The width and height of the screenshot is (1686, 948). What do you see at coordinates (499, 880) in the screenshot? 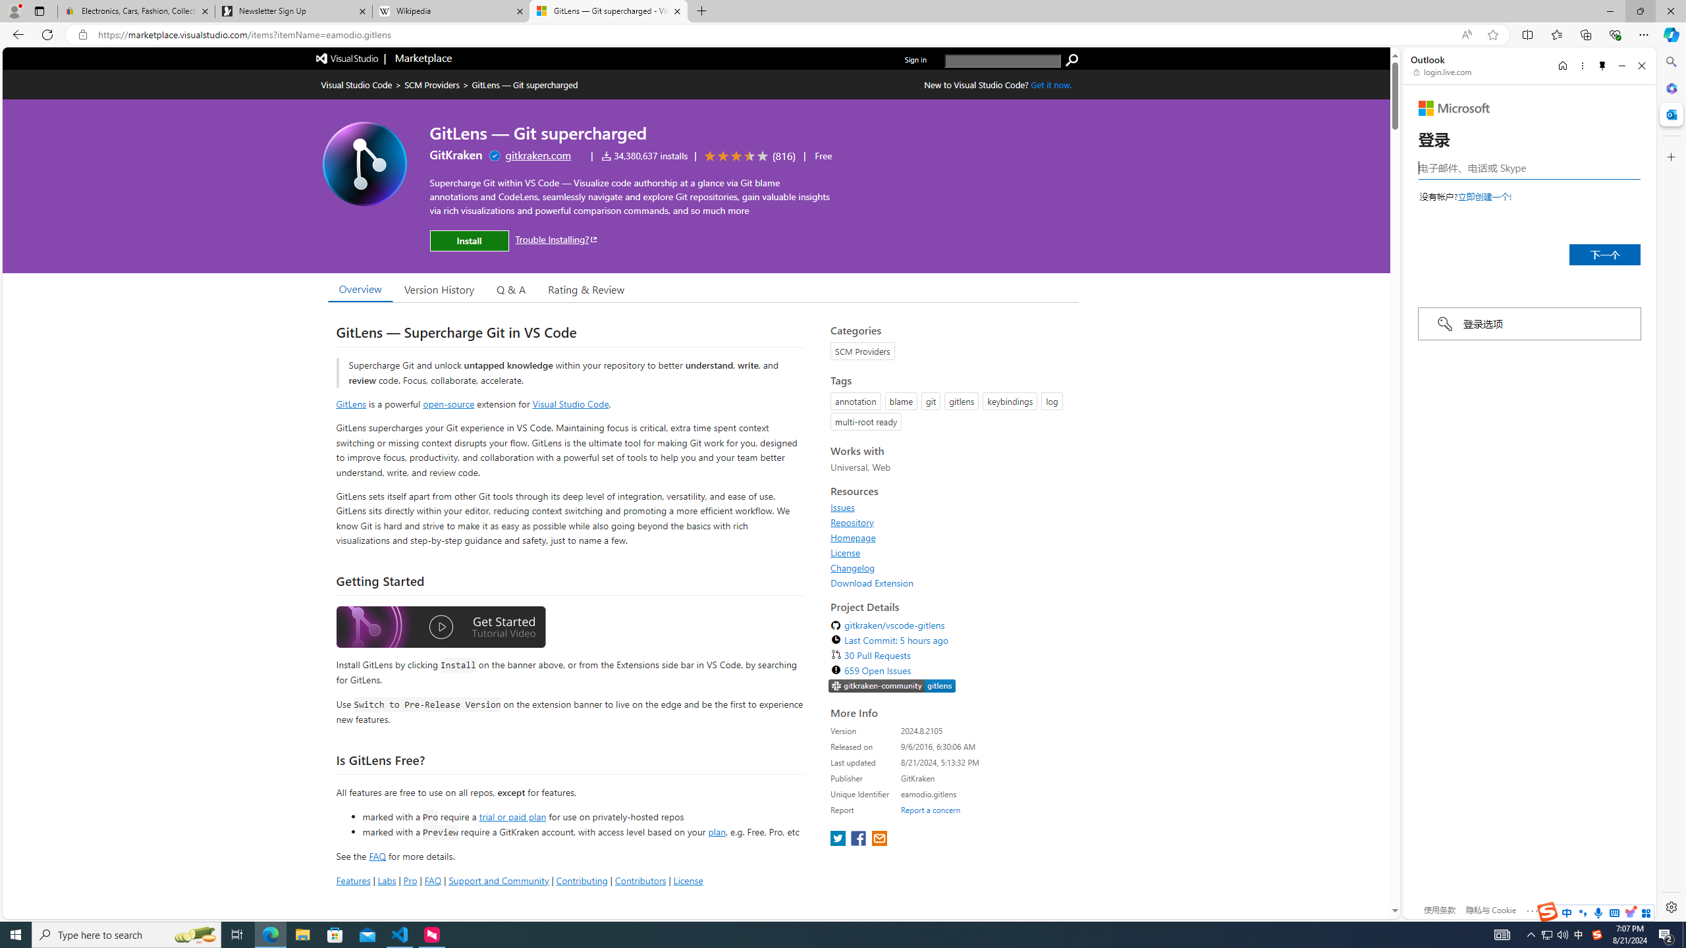
I see `'Support and Community'` at bounding box center [499, 880].